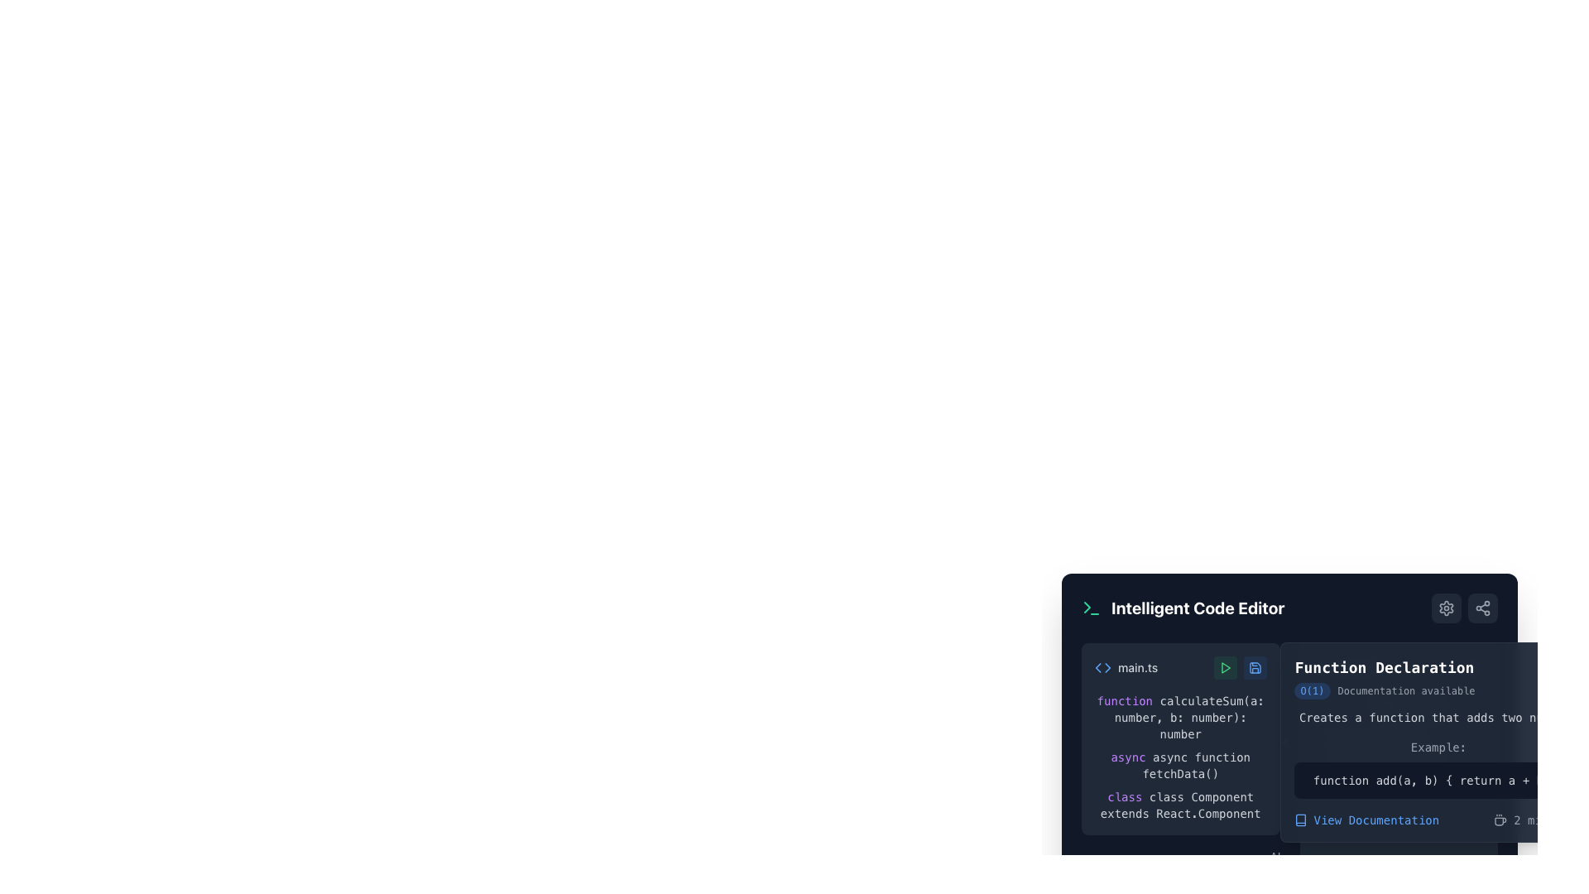  Describe the element at coordinates (1198, 608) in the screenshot. I see `the text label displaying 'Intelligent Code Editor', which is a bold, large, white font on a dark background, centrally aligned in the top section of the panel` at that location.